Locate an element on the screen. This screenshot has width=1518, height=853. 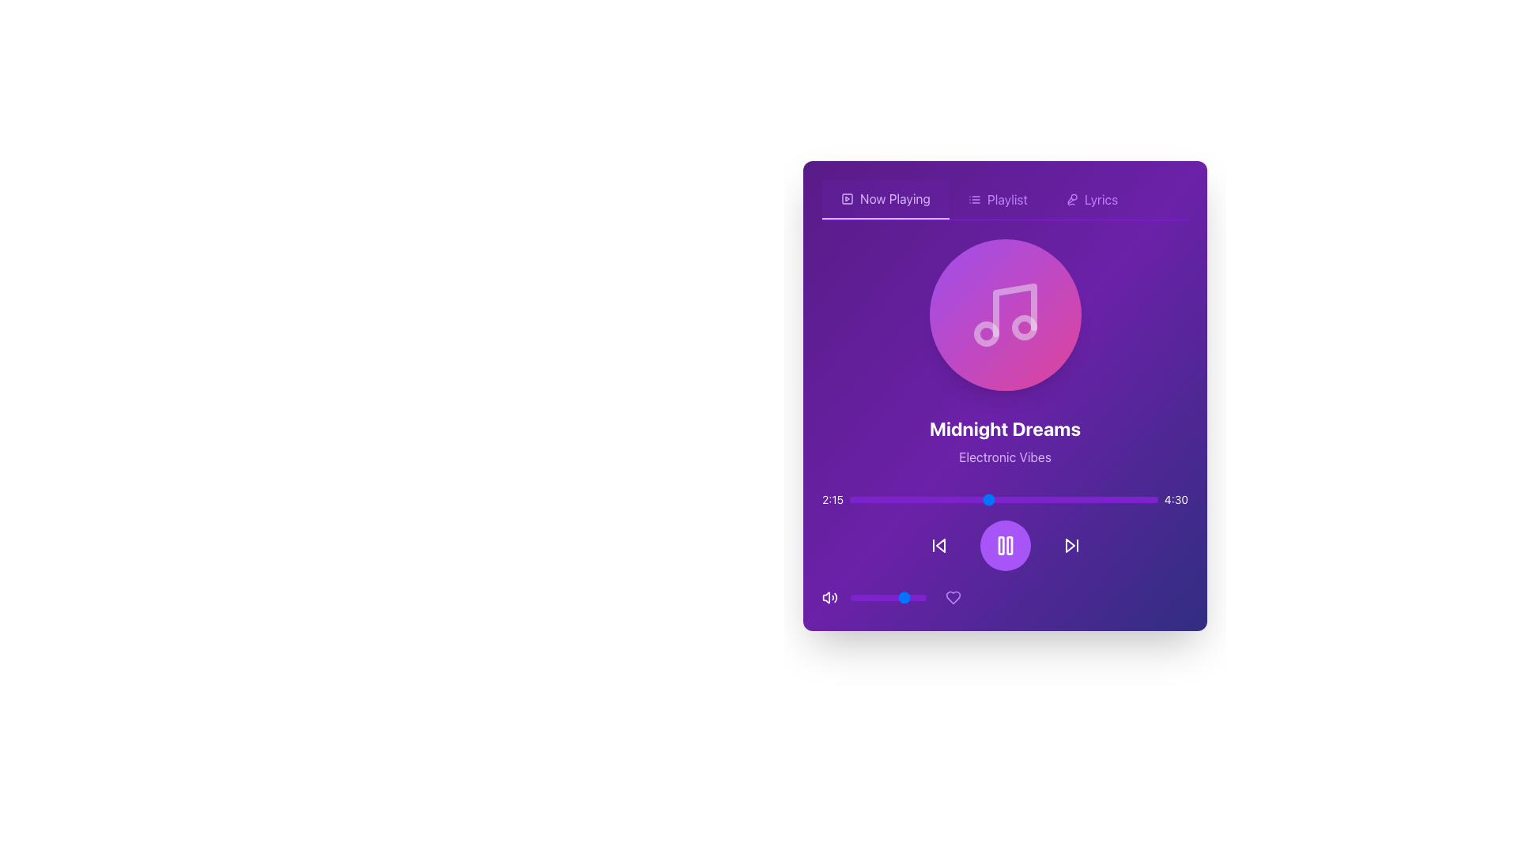
the sound mute icon located at the bottom-left of the interface within the sound control mechanism is located at coordinates (825, 597).